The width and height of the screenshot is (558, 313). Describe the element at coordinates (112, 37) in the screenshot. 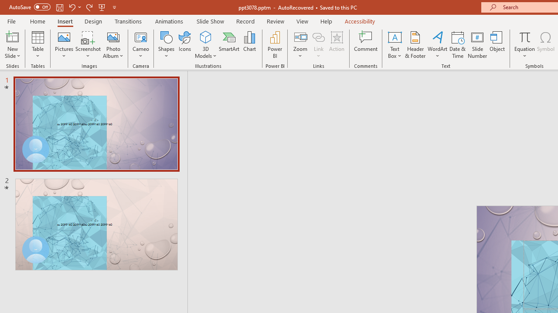

I see `'New Photo Album...'` at that location.